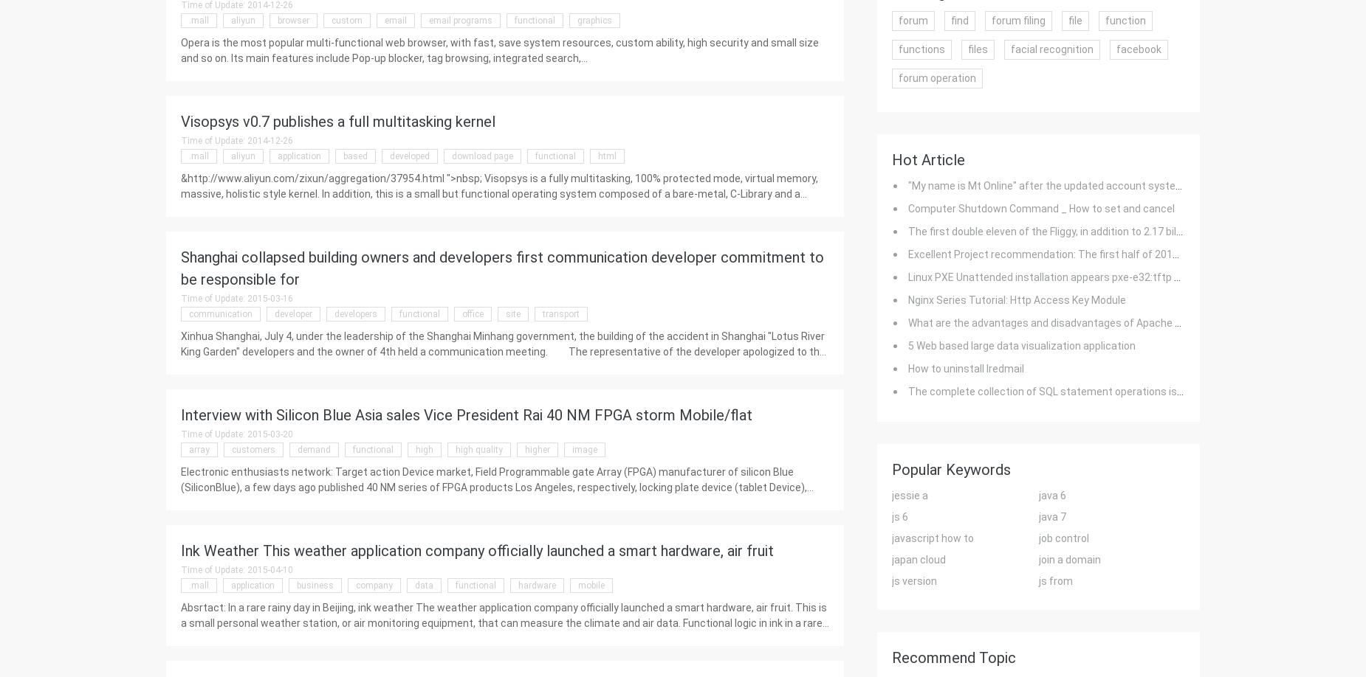  Describe the element at coordinates (607, 156) in the screenshot. I see `'html'` at that location.